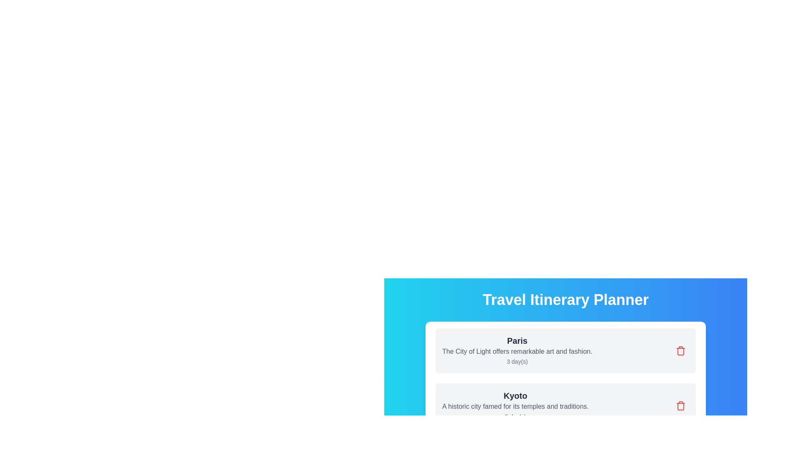 The height and width of the screenshot is (450, 801). Describe the element at coordinates (515, 395) in the screenshot. I see `the text label displaying 'Kyoto' in bold and dark gray font, which is located within a card layout representing a travel destination, positioned near the top of the card` at that location.